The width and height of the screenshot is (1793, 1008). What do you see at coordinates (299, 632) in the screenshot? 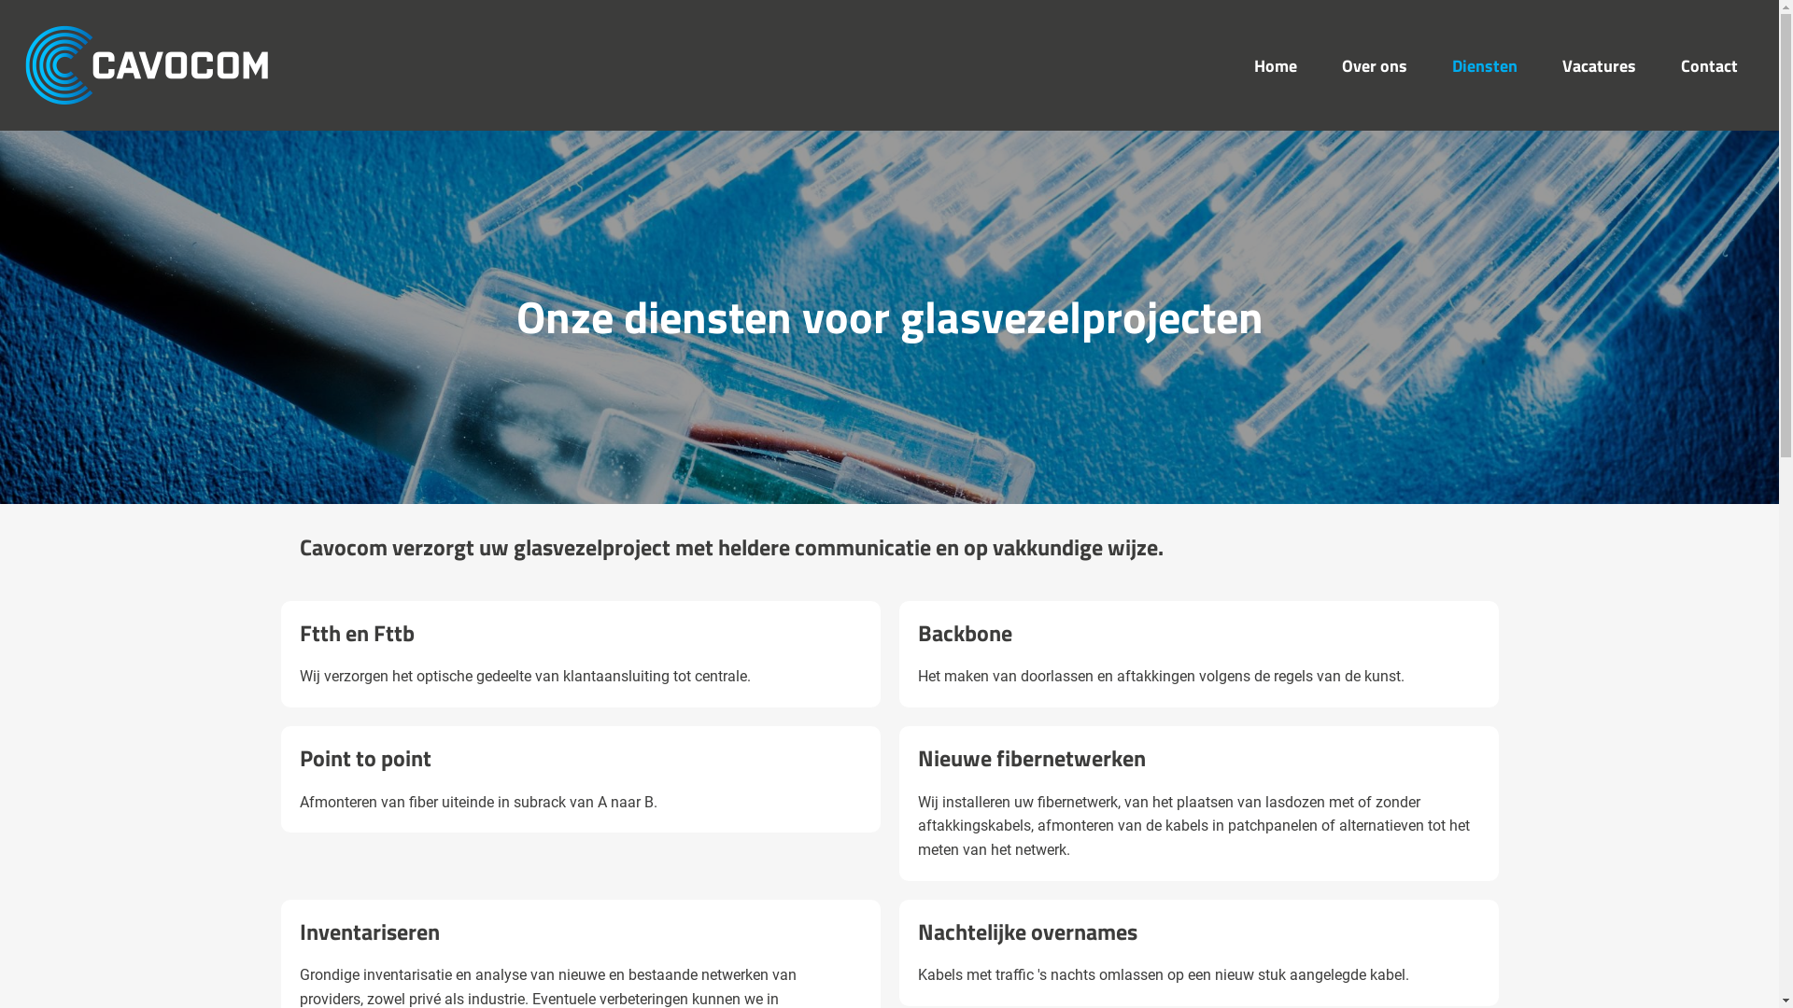
I see `'Ftth en Fttb'` at bounding box center [299, 632].